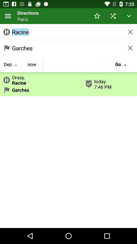 Image resolution: width=137 pixels, height=244 pixels. Describe the element at coordinates (8, 16) in the screenshot. I see `the icon to the left of directions item` at that location.